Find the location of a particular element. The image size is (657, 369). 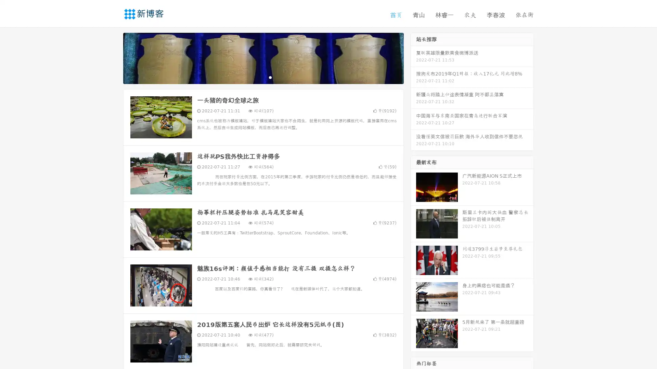

Go to slide 1 is located at coordinates (256, 77).